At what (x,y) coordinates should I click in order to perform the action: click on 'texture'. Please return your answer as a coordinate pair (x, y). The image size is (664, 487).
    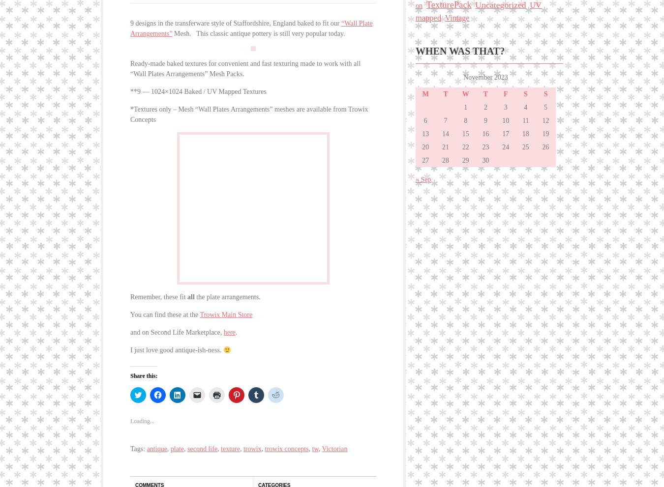
    Looking at the image, I should click on (230, 443).